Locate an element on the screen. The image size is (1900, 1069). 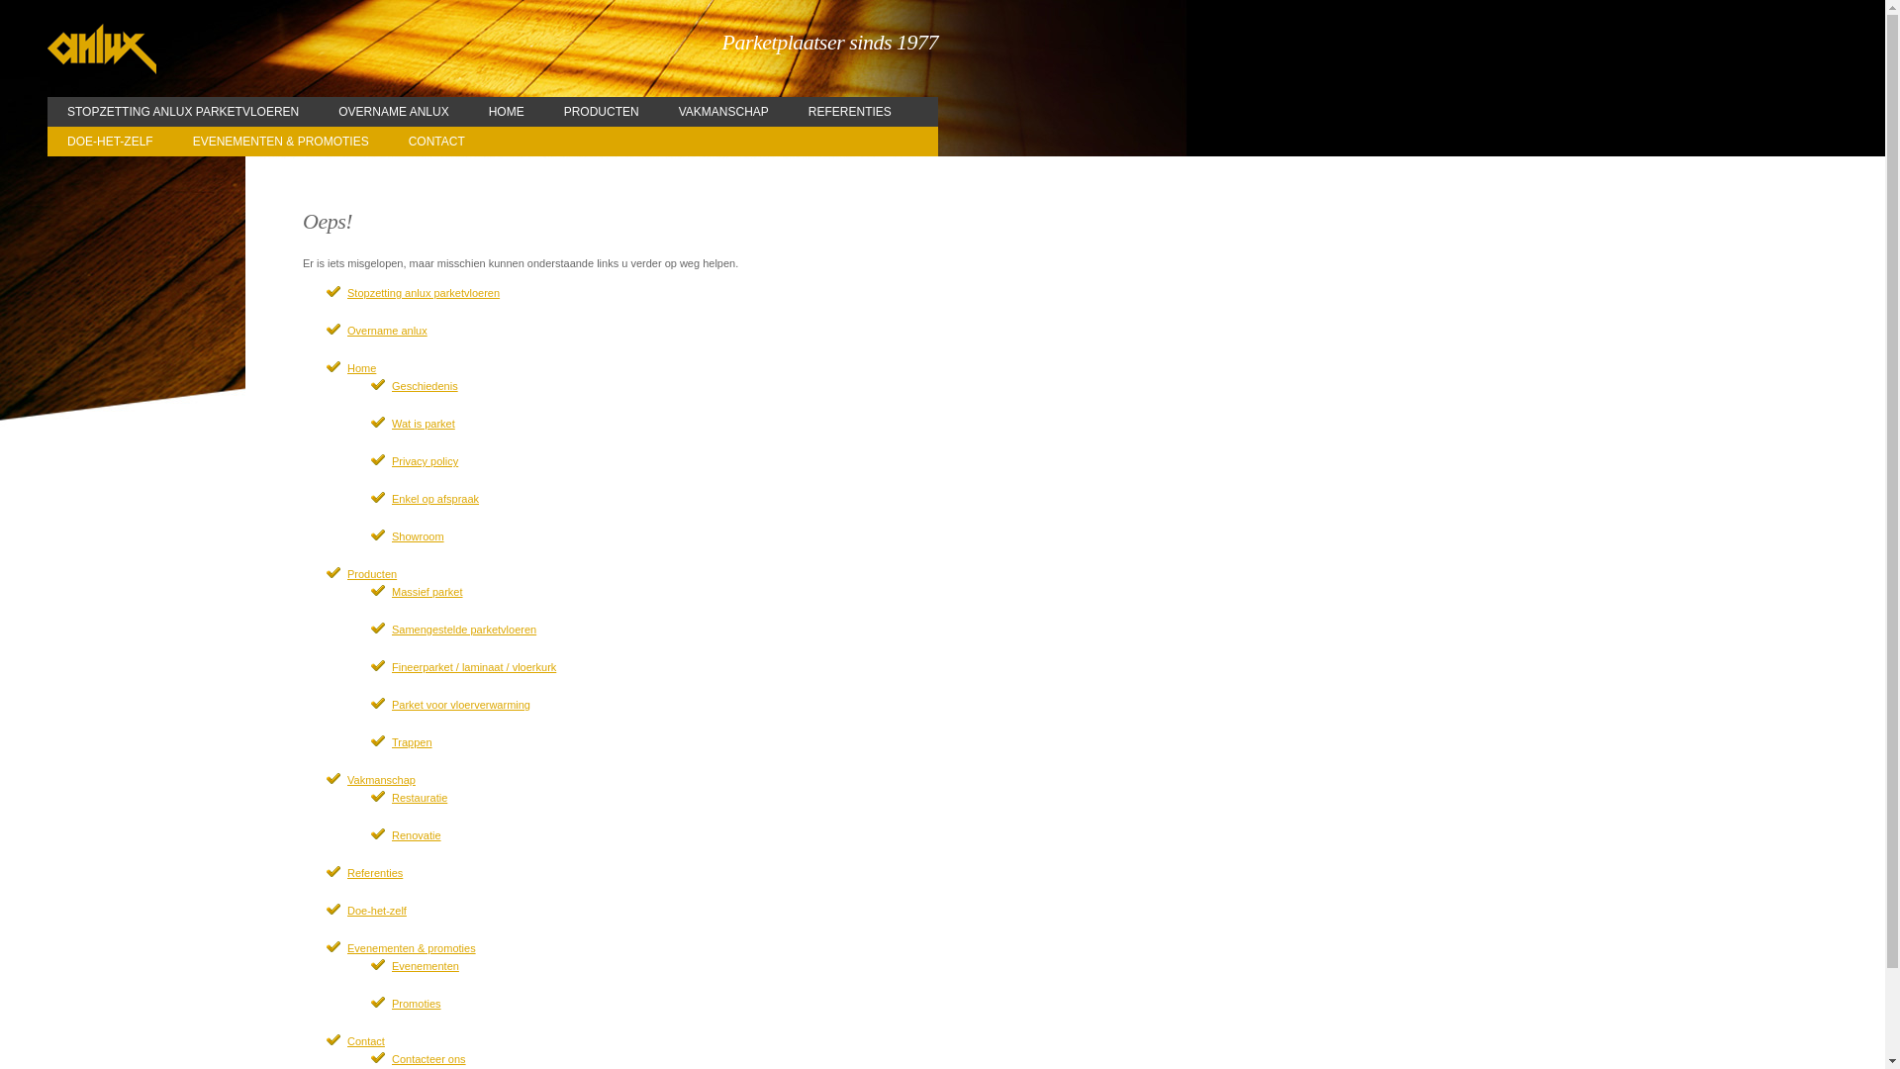
'Evenementen & promoties' is located at coordinates (411, 946).